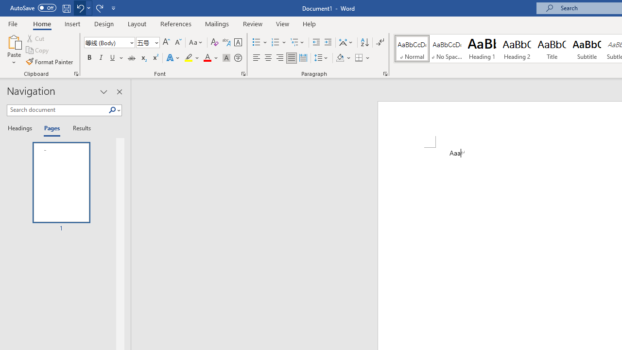 Image resolution: width=622 pixels, height=350 pixels. Describe the element at coordinates (225, 42) in the screenshot. I see `'Phonetic Guide...'` at that location.